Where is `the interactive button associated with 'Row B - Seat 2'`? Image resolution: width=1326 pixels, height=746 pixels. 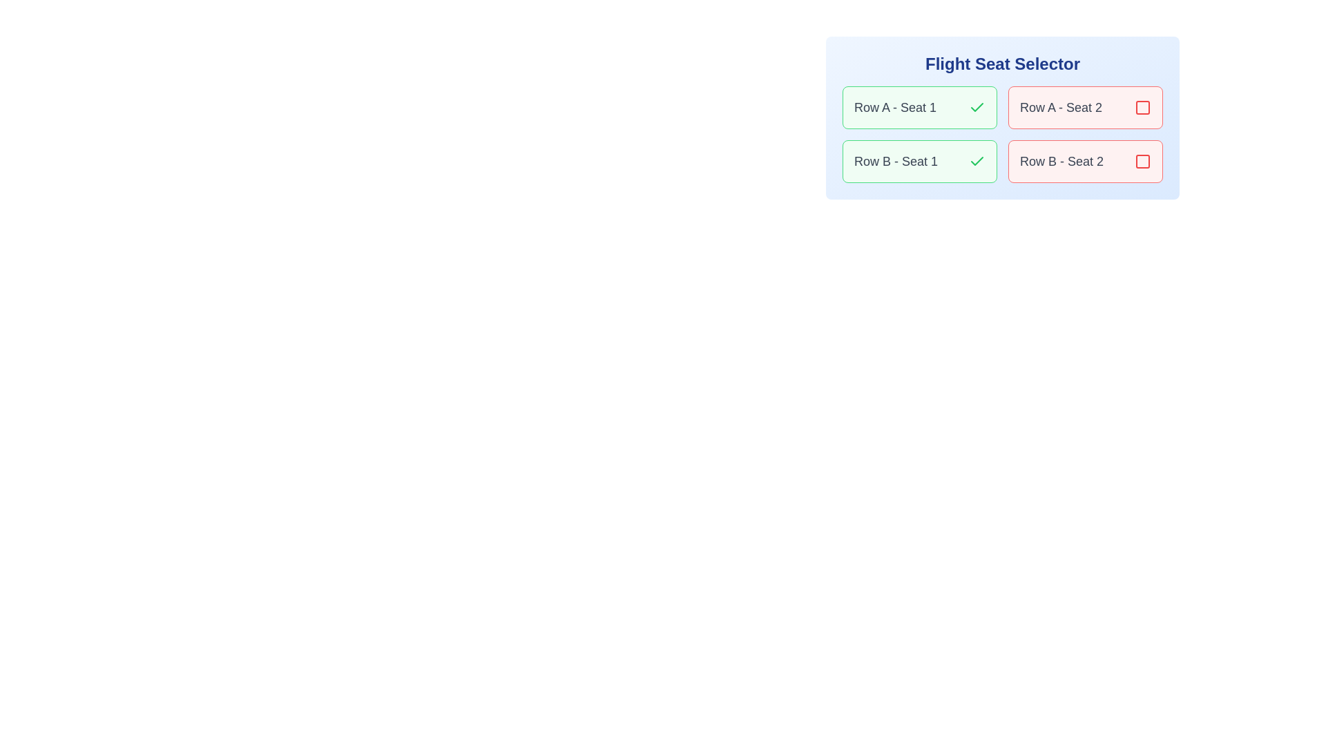
the interactive button associated with 'Row B - Seat 2' is located at coordinates (1143, 161).